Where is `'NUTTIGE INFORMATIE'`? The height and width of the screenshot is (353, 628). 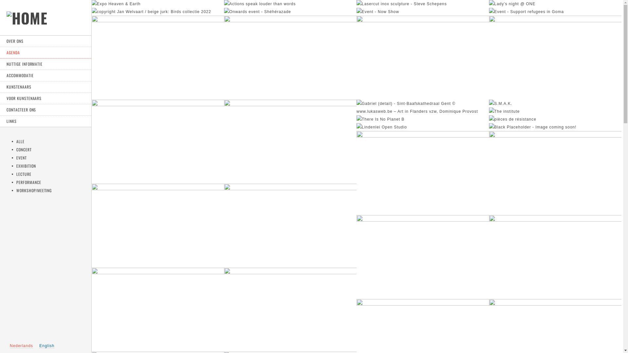 'NUTTIGE INFORMATIE' is located at coordinates (45, 64).